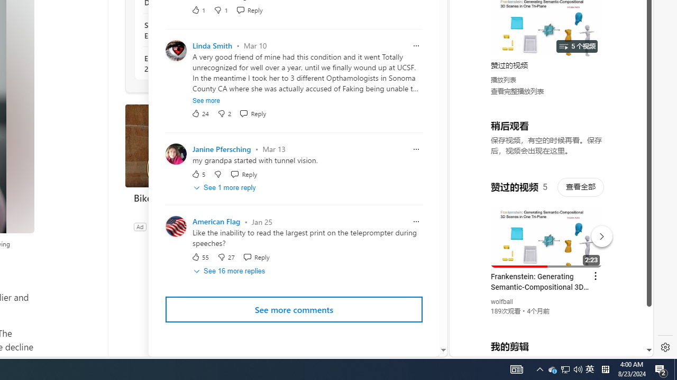  I want to click on 'Janine Pfersching', so click(221, 149).